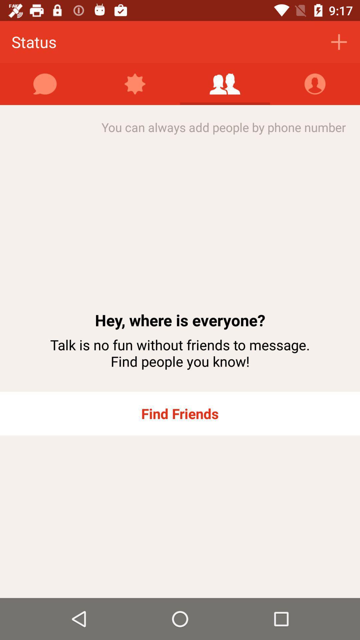 This screenshot has width=360, height=640. What do you see at coordinates (225, 84) in the screenshot?
I see `find people` at bounding box center [225, 84].